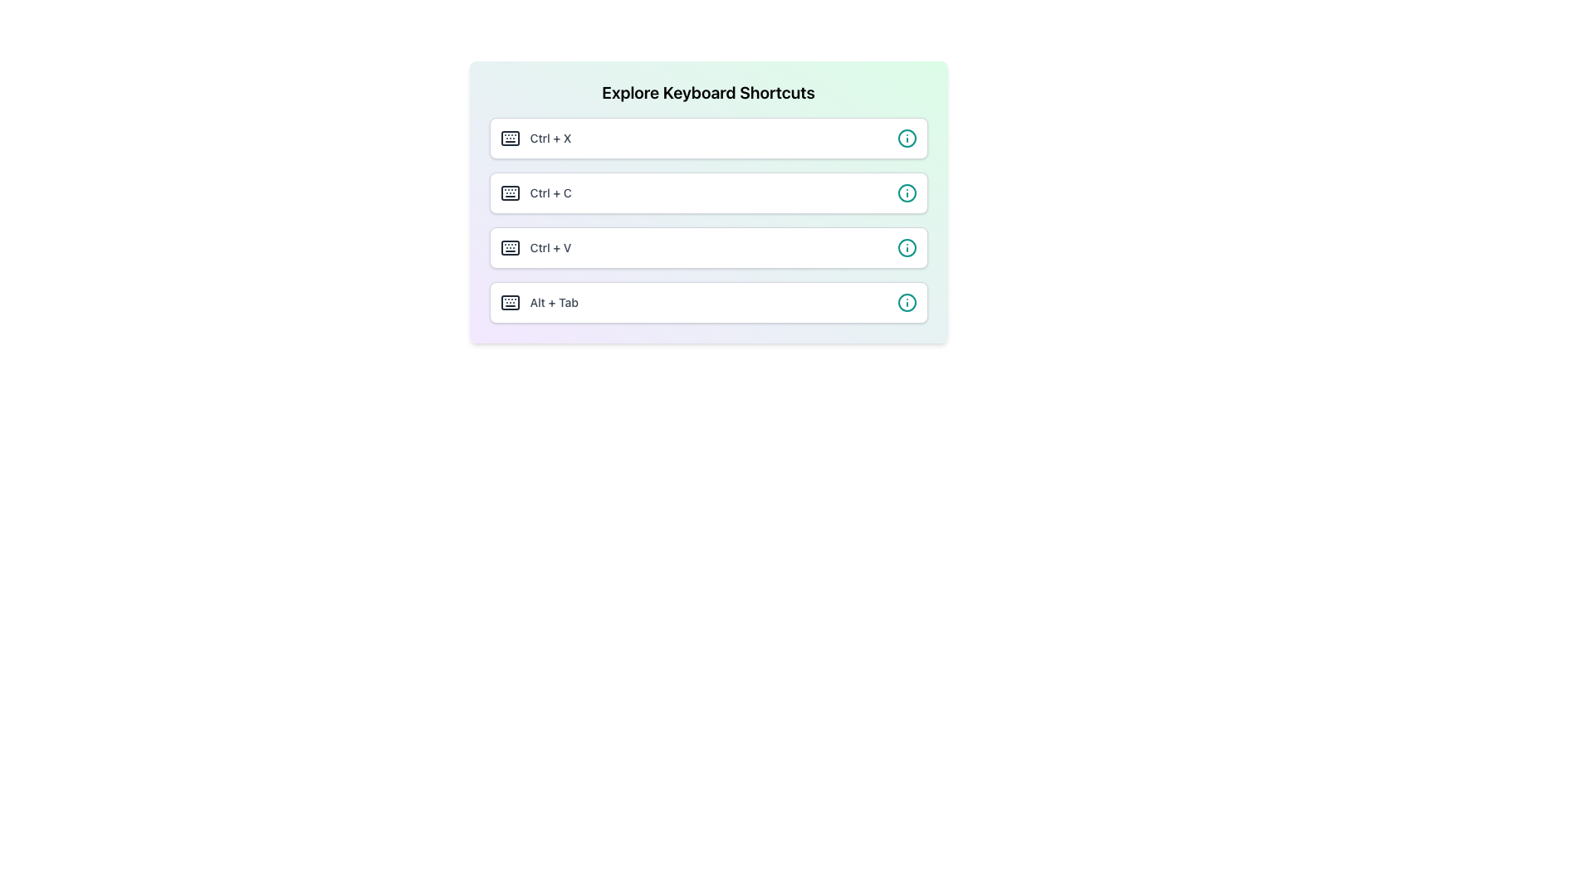  Describe the element at coordinates (906, 303) in the screenshot. I see `the central circular component of the SVG icon with a teal stroke color located near the bottom-right corner of the last list item in a vertical list of shortcut actions` at that location.